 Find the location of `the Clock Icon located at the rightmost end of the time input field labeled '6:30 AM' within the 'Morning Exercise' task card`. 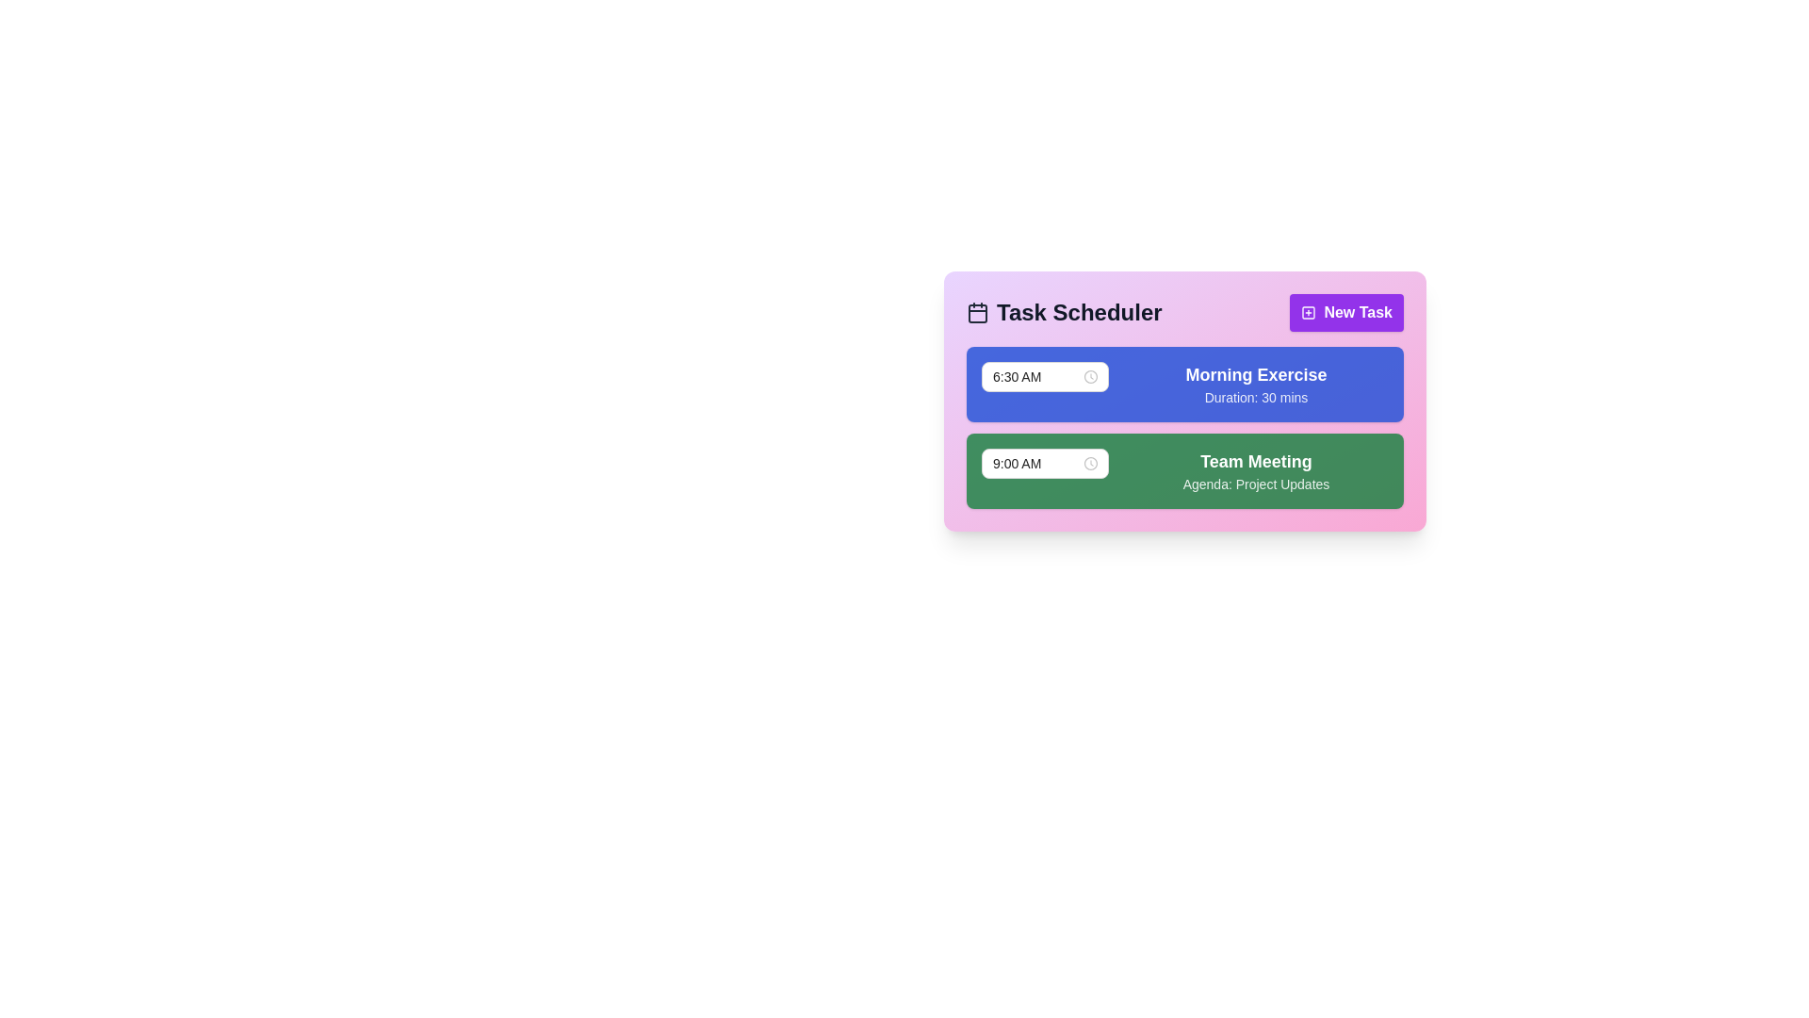

the Clock Icon located at the rightmost end of the time input field labeled '6:30 AM' within the 'Morning Exercise' task card is located at coordinates (1090, 377).